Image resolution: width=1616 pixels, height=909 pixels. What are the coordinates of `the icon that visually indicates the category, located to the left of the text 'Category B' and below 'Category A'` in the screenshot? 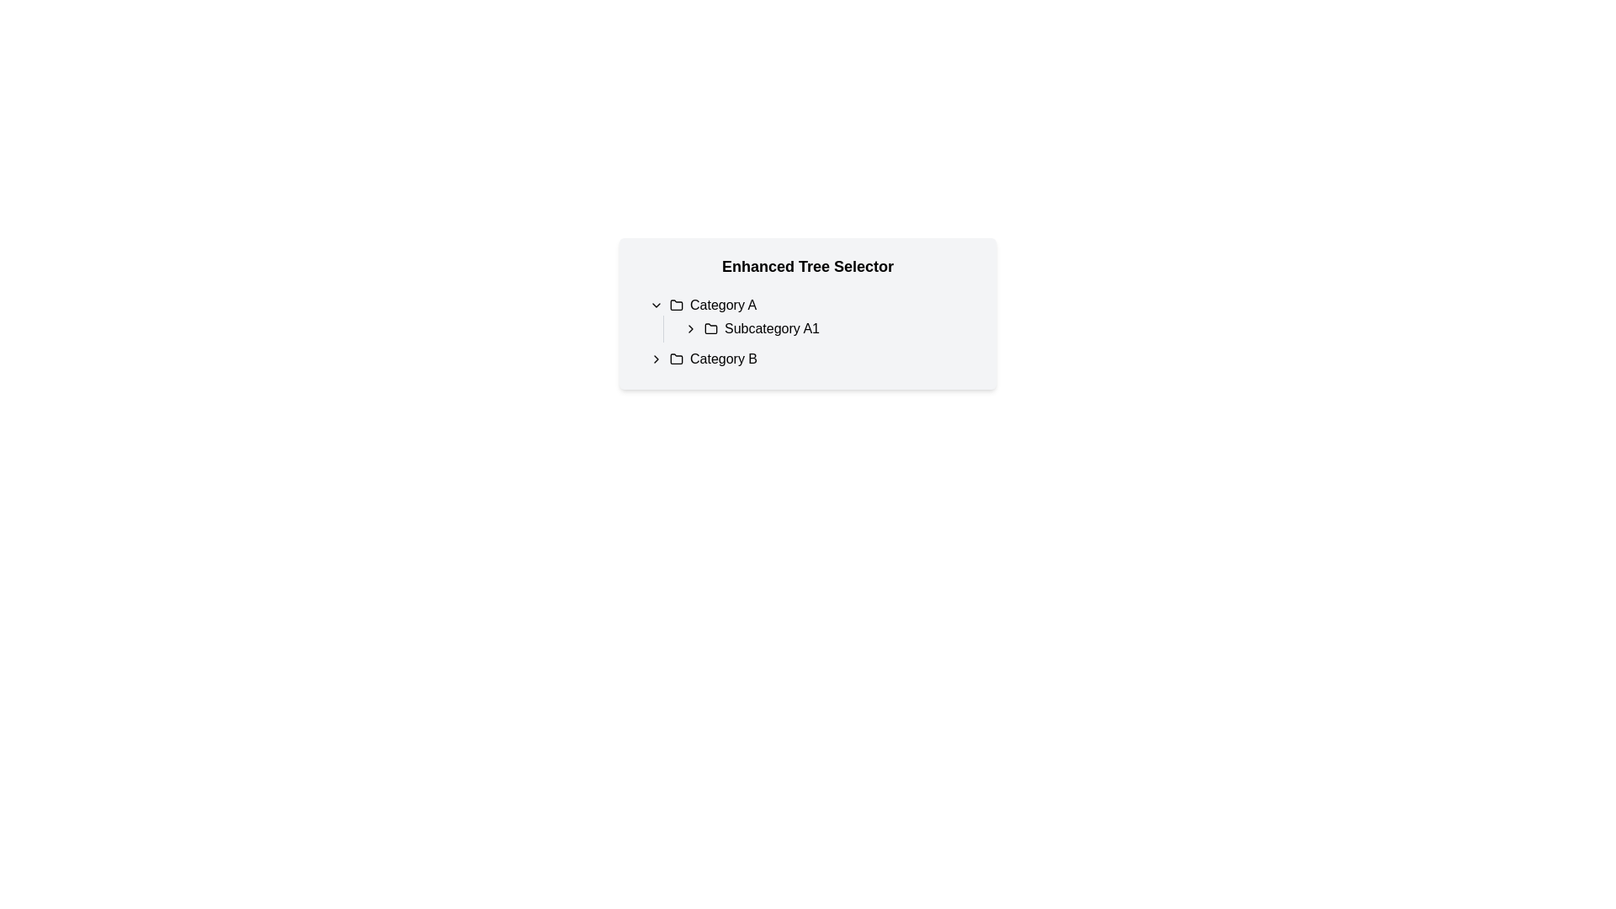 It's located at (677, 359).